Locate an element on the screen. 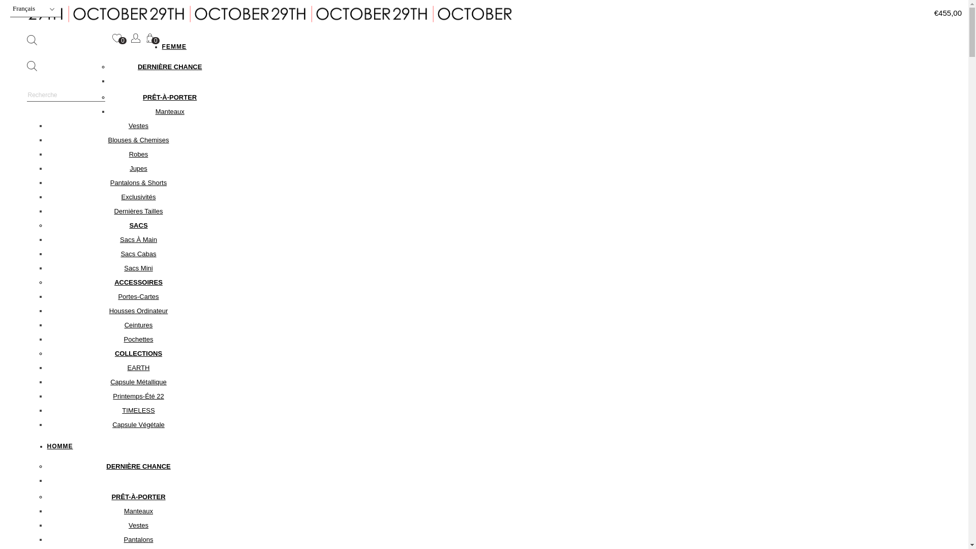  'TIMELESS' is located at coordinates (138, 410).